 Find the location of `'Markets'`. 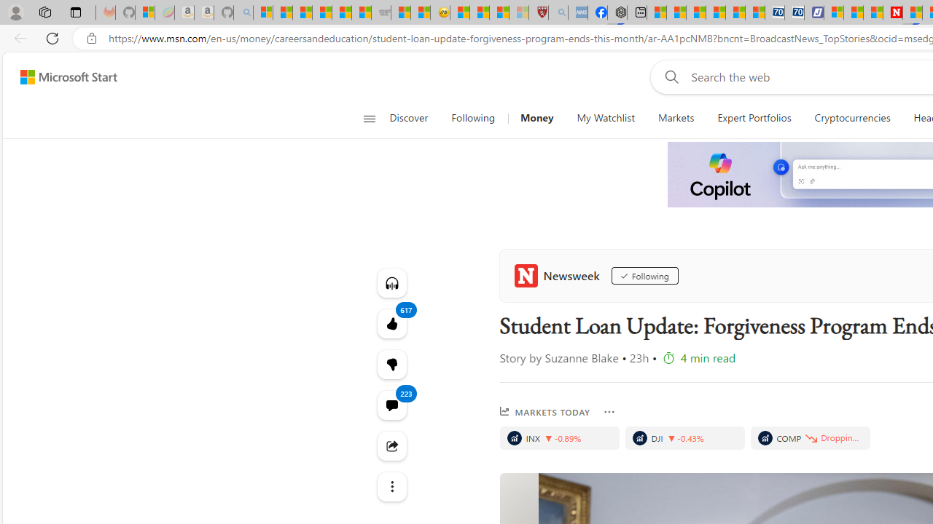

'Markets' is located at coordinates (675, 118).